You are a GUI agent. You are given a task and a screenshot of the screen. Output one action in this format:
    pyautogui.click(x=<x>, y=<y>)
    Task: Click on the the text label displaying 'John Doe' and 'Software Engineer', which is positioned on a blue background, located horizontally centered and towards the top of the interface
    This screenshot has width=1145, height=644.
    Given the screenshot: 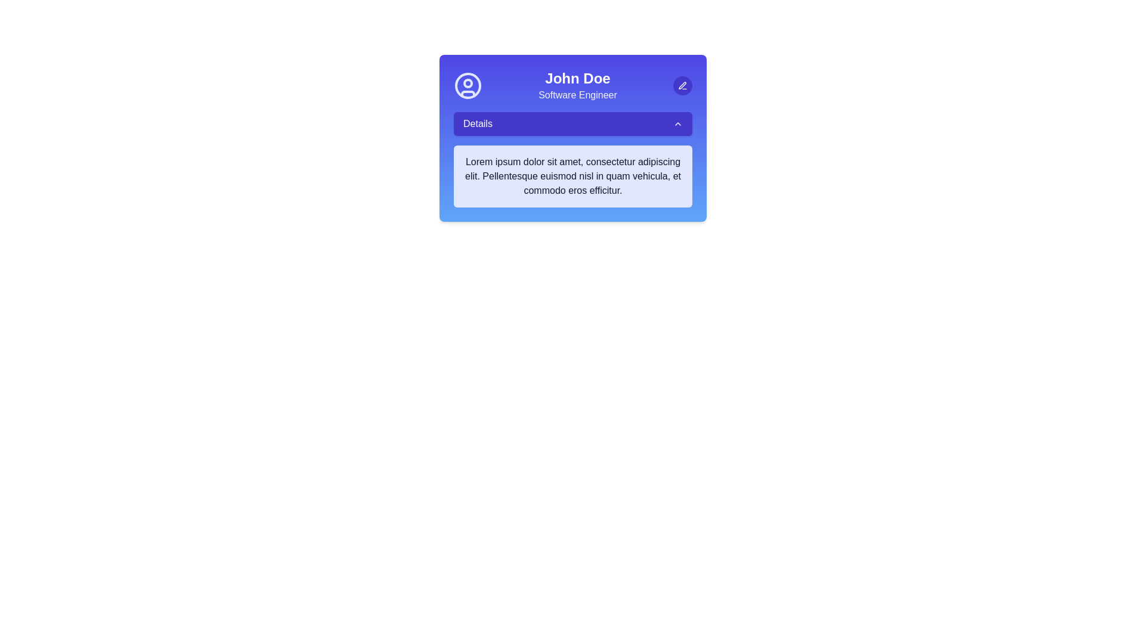 What is the action you would take?
    pyautogui.click(x=578, y=85)
    